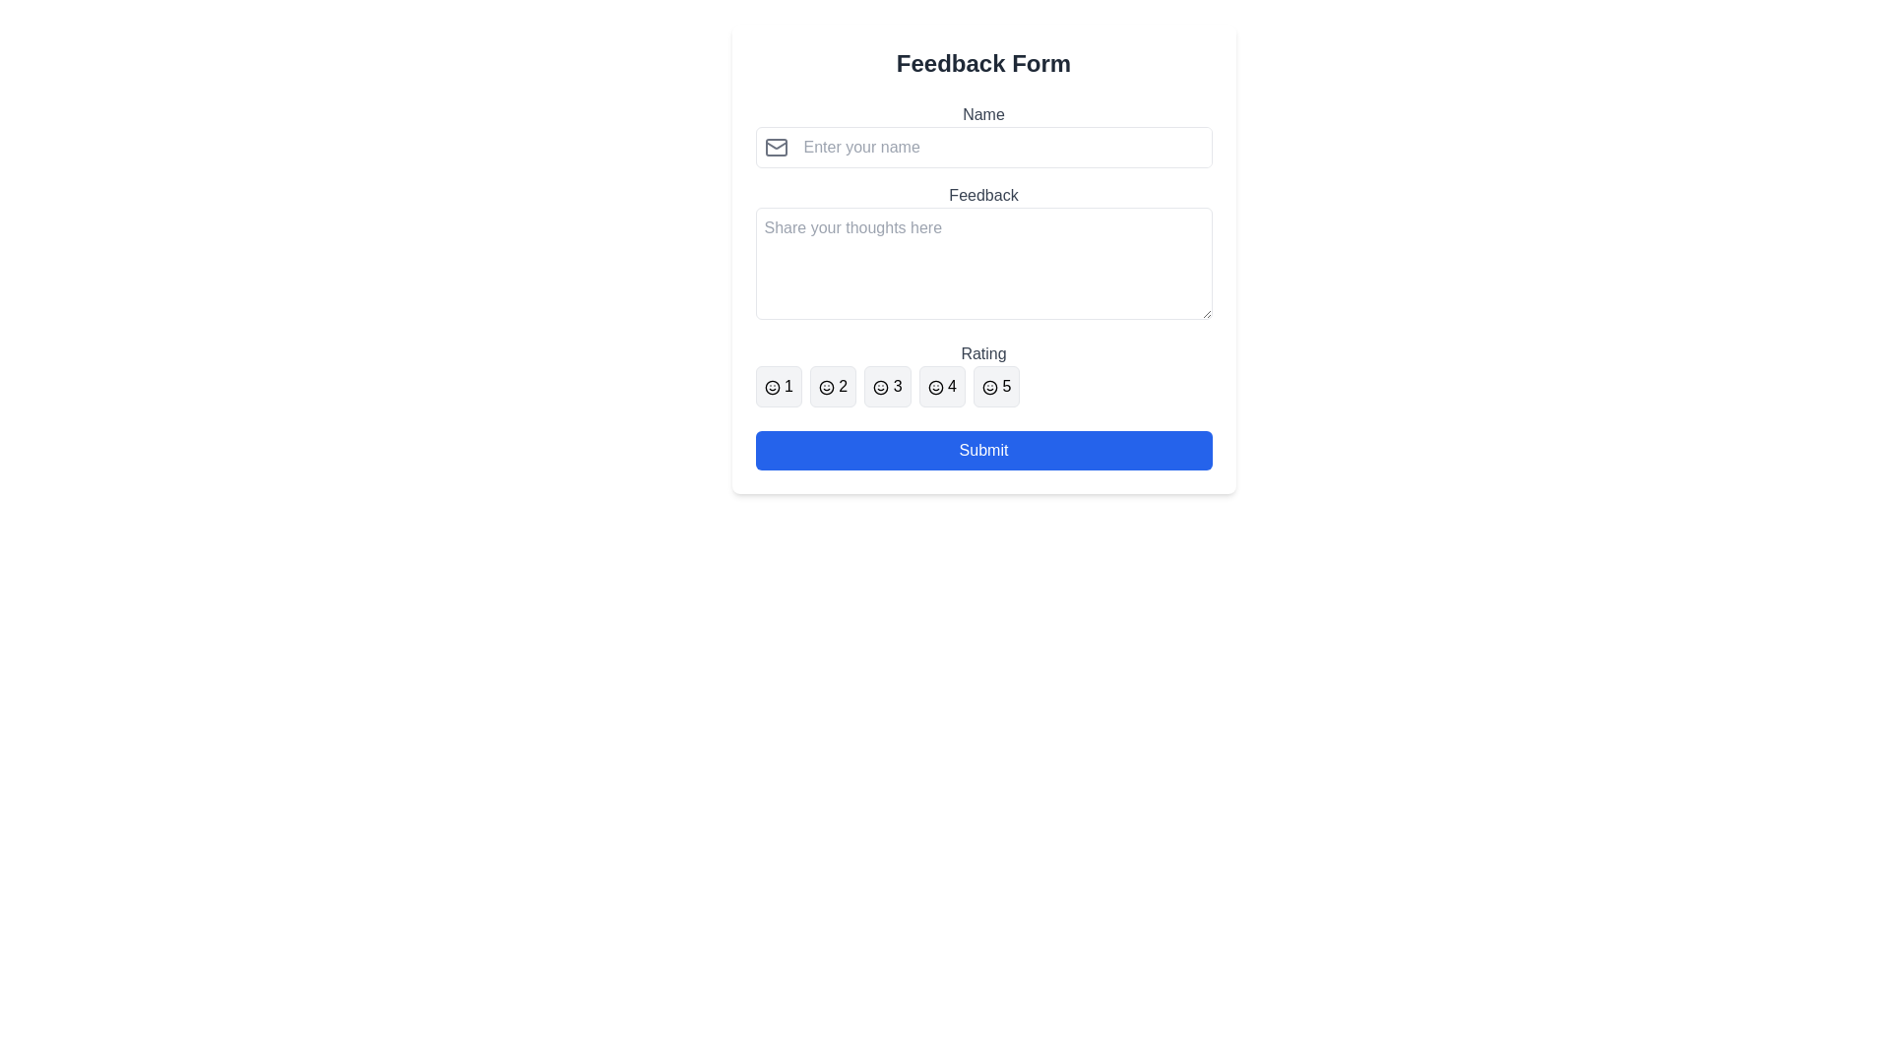  Describe the element at coordinates (886, 387) in the screenshot. I see `the button displaying the text '3' next to a smiley face icon, located above the 'Submit' button in the feedback form` at that location.